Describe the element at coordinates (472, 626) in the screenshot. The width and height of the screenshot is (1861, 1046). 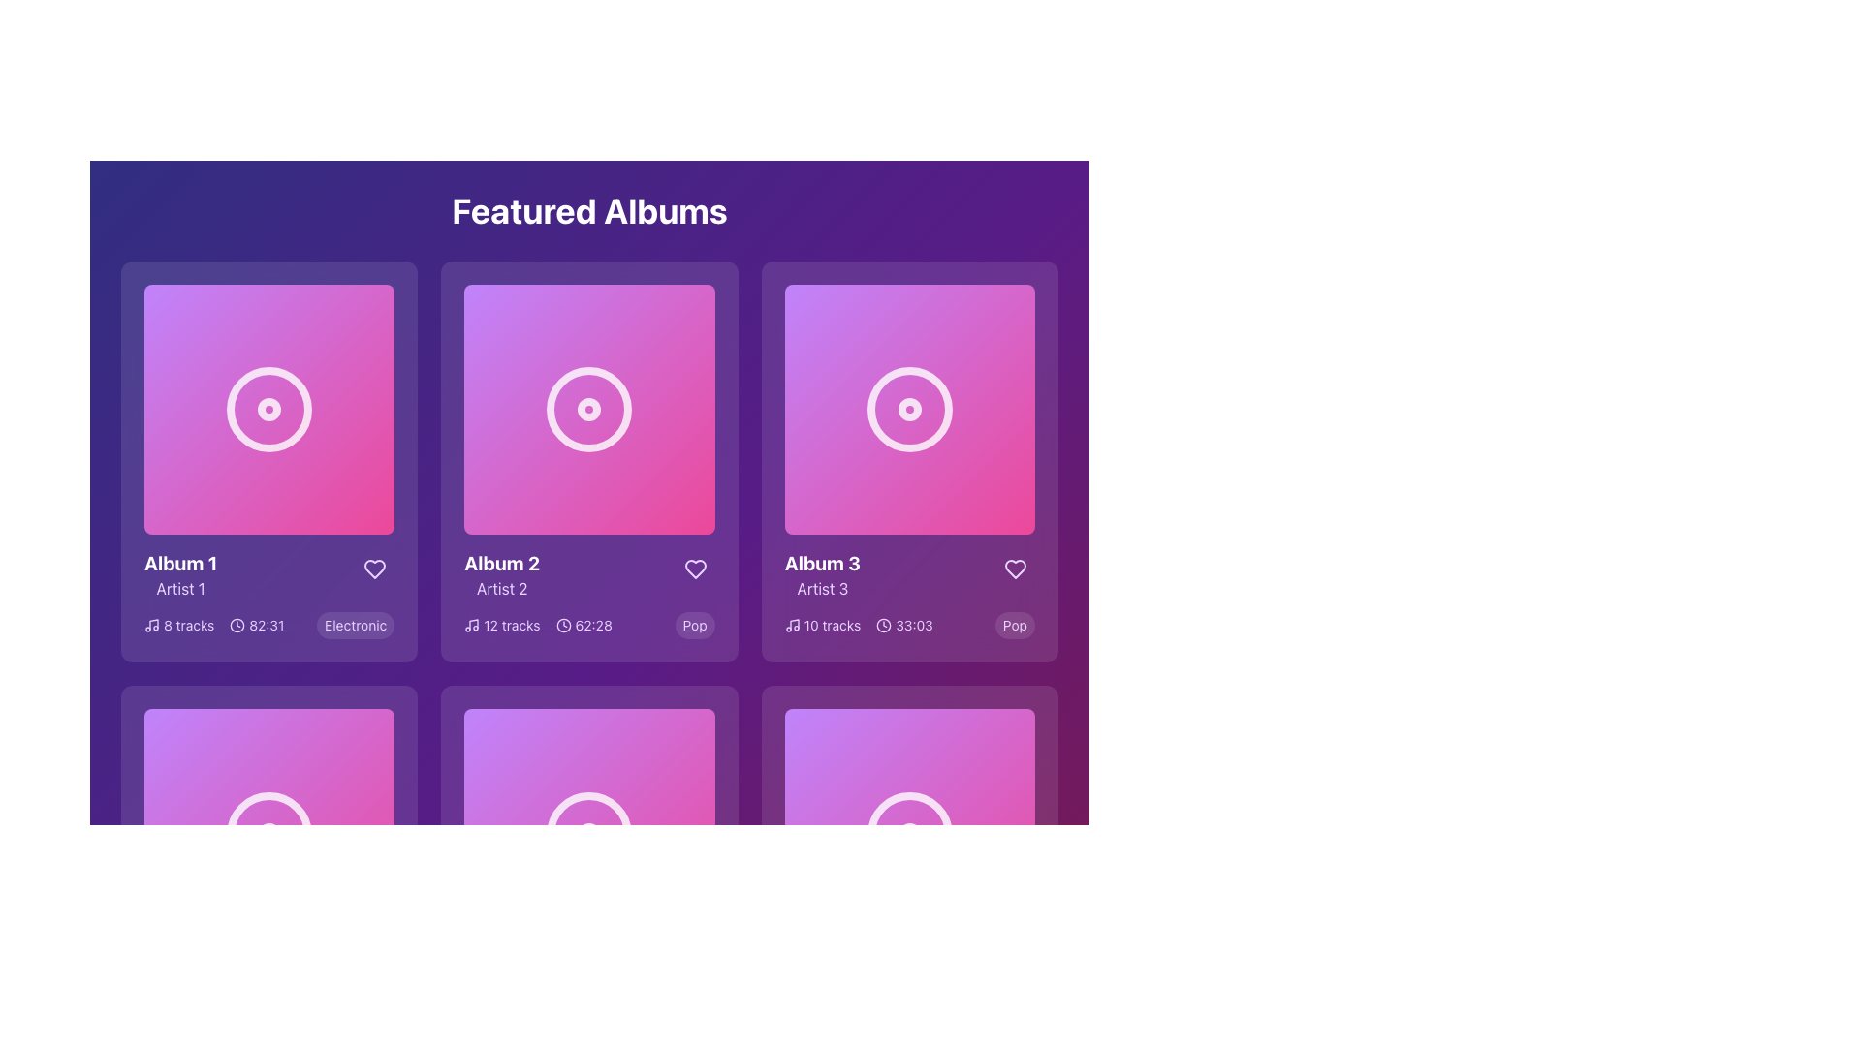
I see `the music-related icon located in the second column of the first row of the album details grid, which is directly to the left of the '12 tracks' text` at that location.